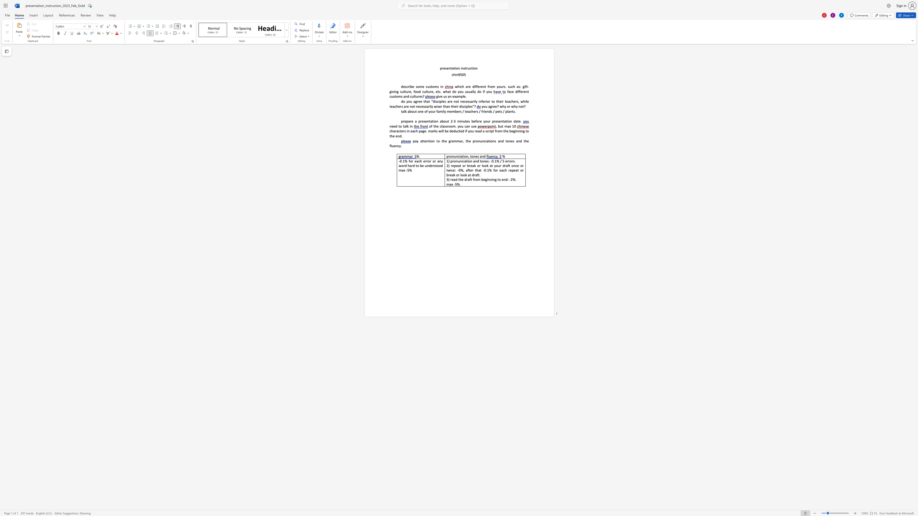 Image resolution: width=918 pixels, height=516 pixels. I want to click on the 1th character "r" in the text, so click(448, 156).